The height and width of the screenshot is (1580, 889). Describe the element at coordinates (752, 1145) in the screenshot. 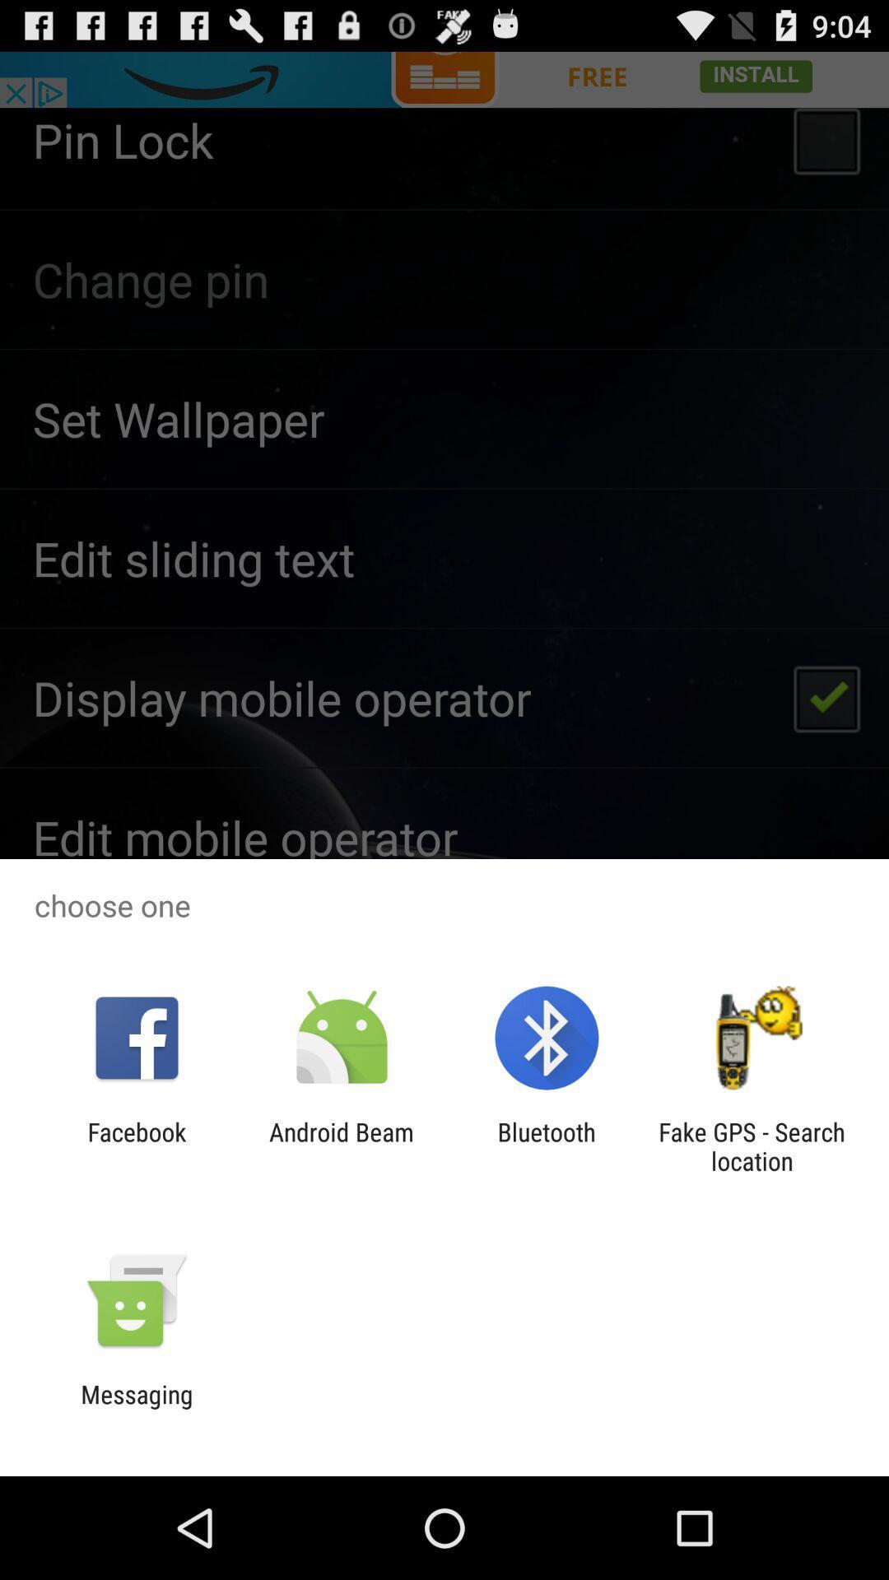

I see `icon to the right of bluetooth icon` at that location.